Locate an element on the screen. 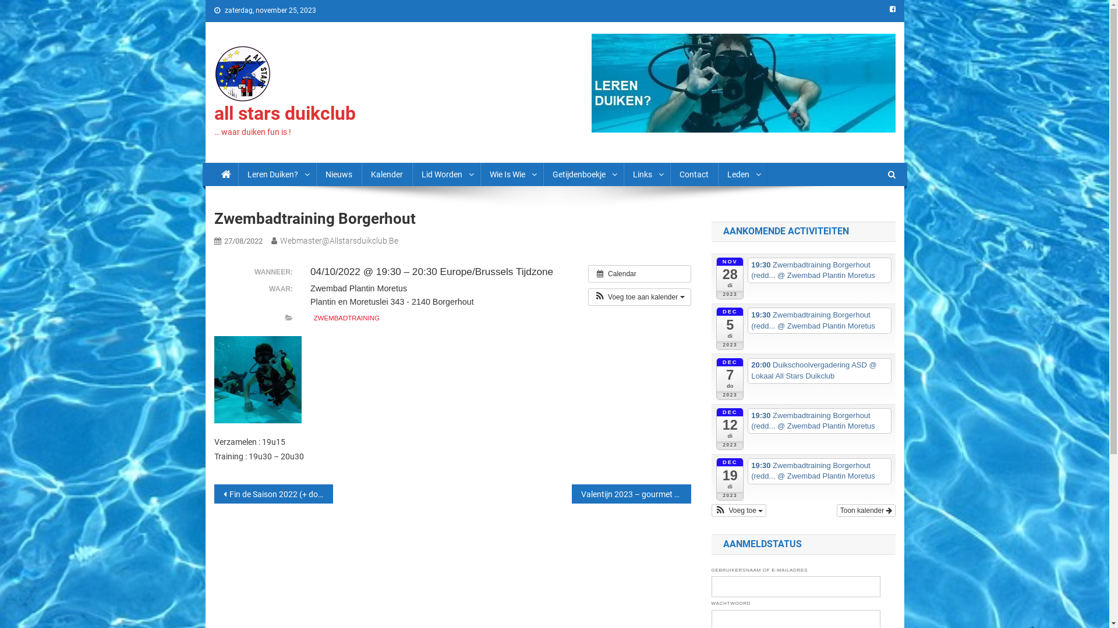 The width and height of the screenshot is (1118, 628). 'NOV is located at coordinates (729, 278).